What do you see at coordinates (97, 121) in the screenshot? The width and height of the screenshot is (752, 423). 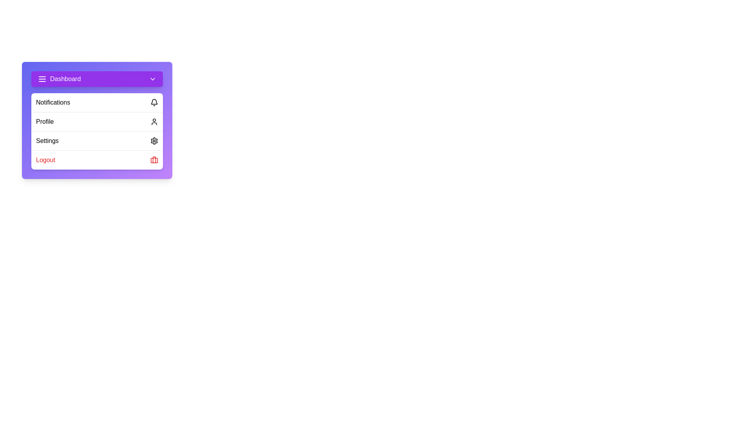 I see `the 'Profile' option in the dropdown menu` at bounding box center [97, 121].